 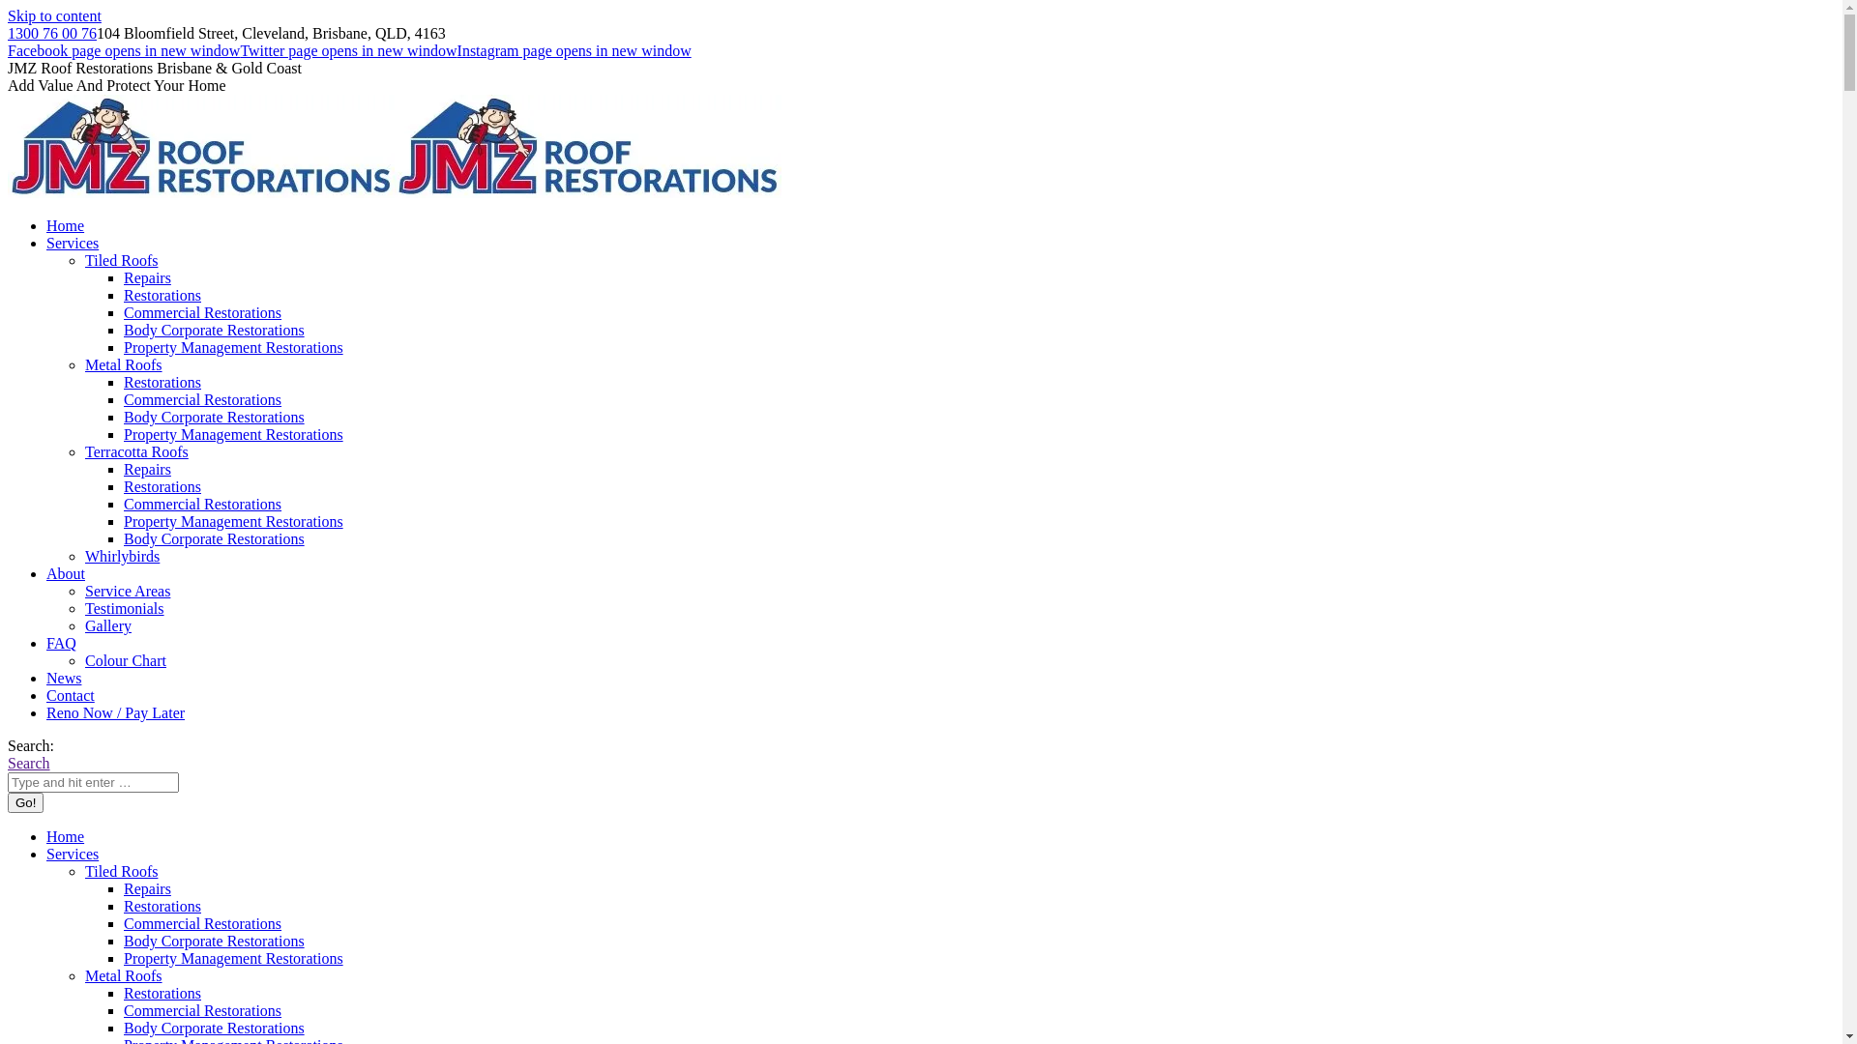 I want to click on 'Search form', so click(x=92, y=781).